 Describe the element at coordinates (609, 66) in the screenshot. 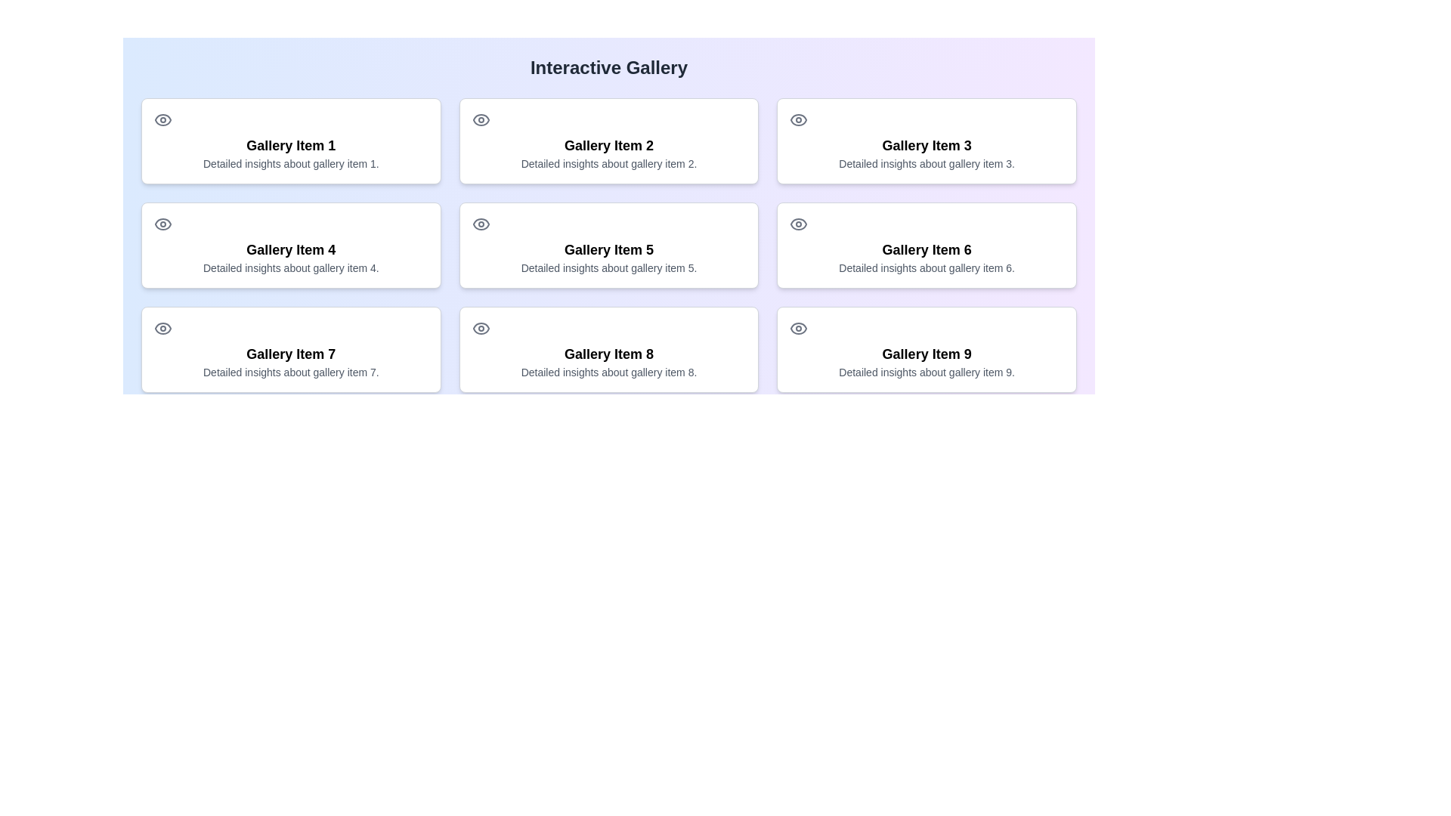

I see `the Header text that serves as the title for the interactive gallery section to refer to the title for guidance` at that location.